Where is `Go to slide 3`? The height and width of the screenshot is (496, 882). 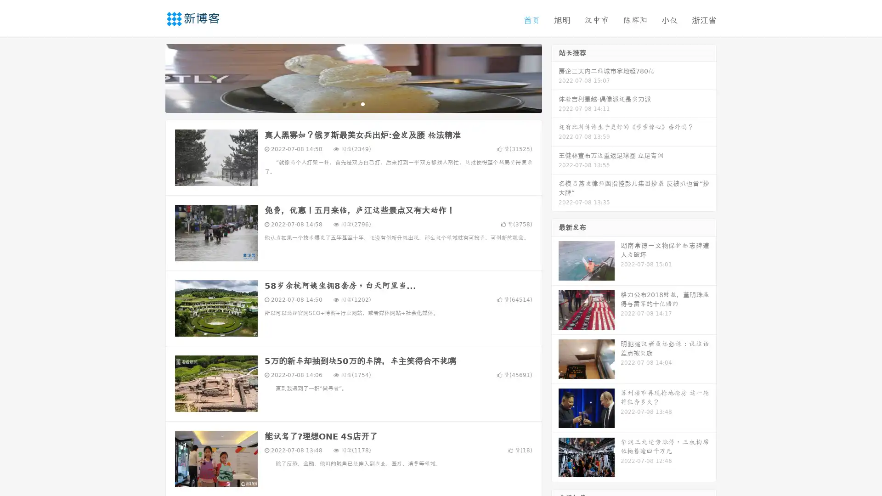
Go to slide 3 is located at coordinates (362, 103).